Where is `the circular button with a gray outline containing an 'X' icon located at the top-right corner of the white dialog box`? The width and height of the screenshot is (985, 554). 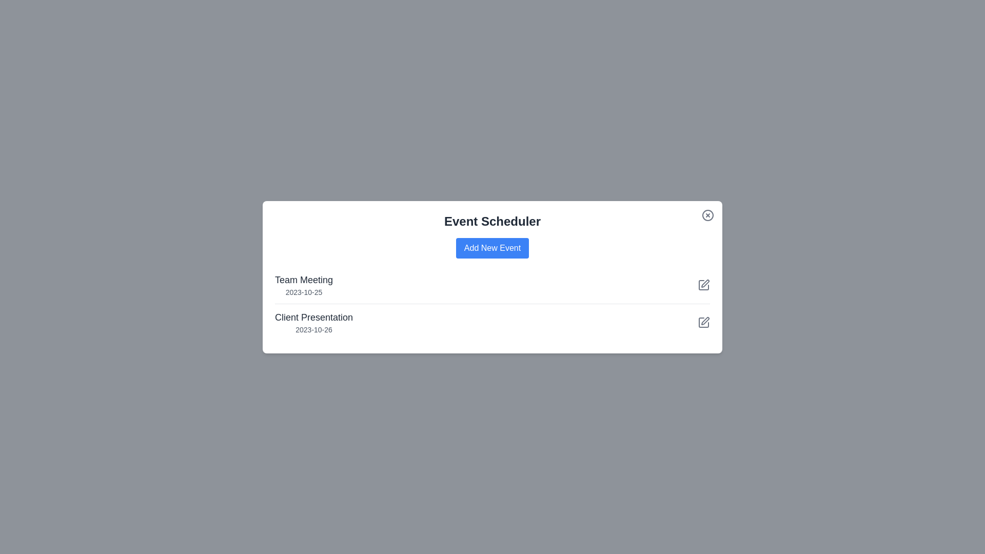 the circular button with a gray outline containing an 'X' icon located at the top-right corner of the white dialog box is located at coordinates (707, 214).